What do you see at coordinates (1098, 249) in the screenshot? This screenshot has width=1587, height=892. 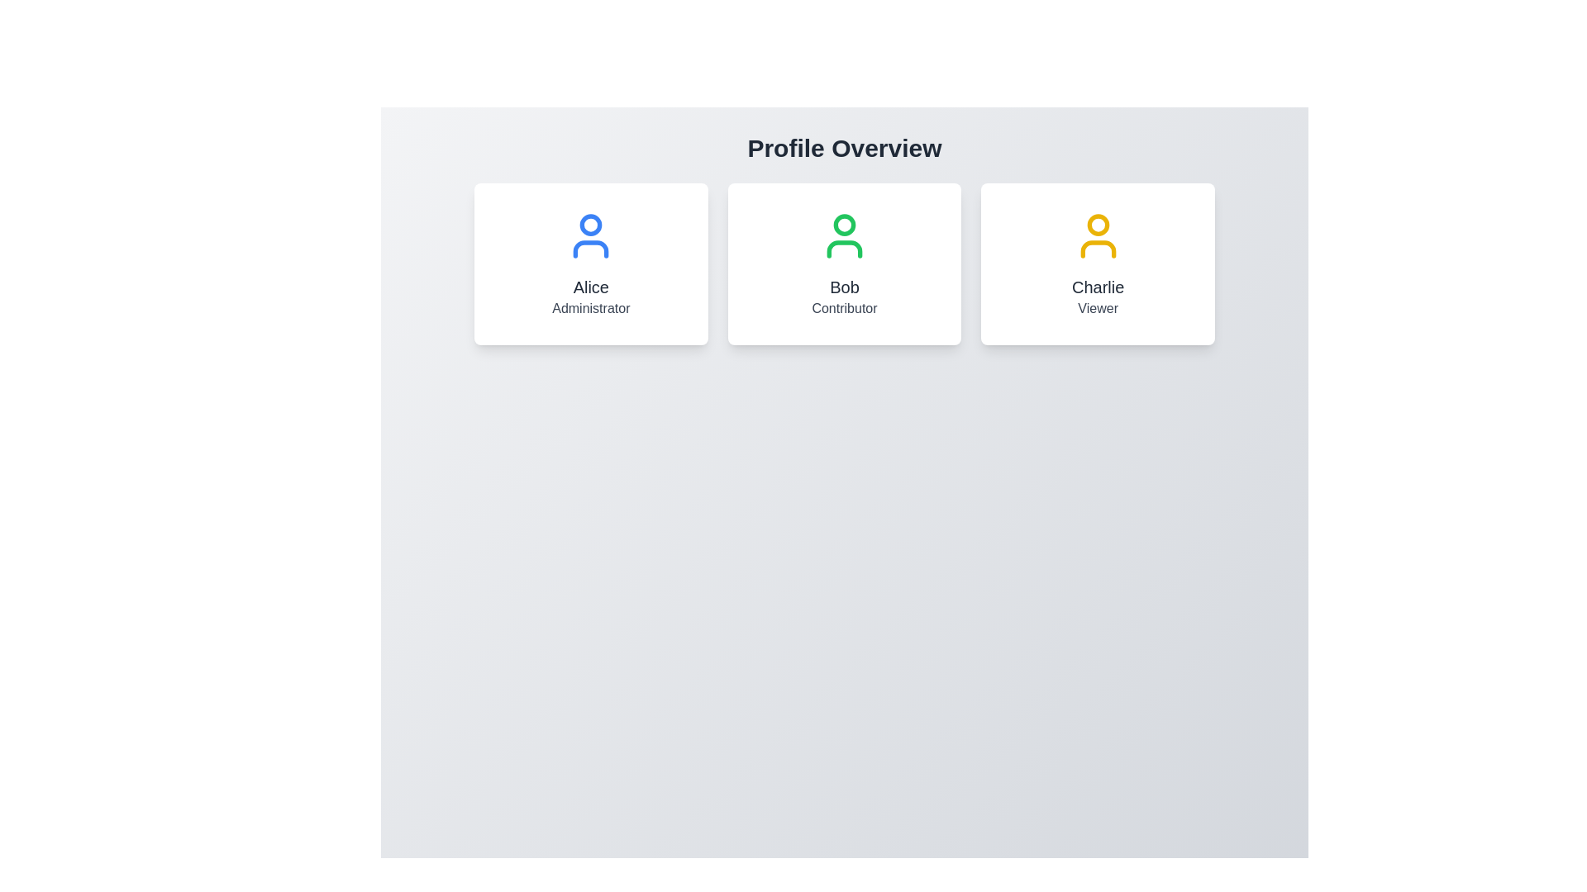 I see `the yellow torso and shoulders component of the user icon in the third card labeled 'Charlie' and titled 'Viewer'` at bounding box center [1098, 249].